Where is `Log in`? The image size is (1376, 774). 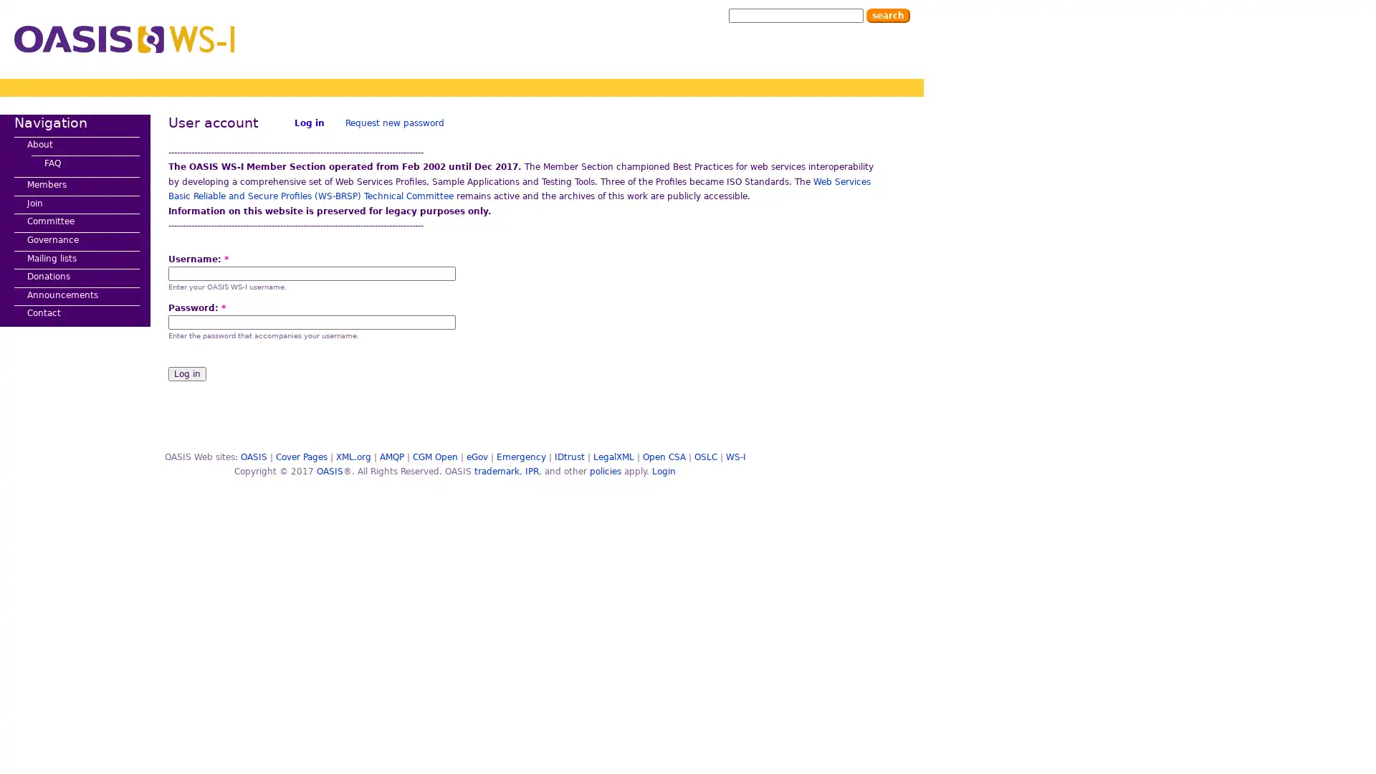
Log in is located at coordinates (186, 372).